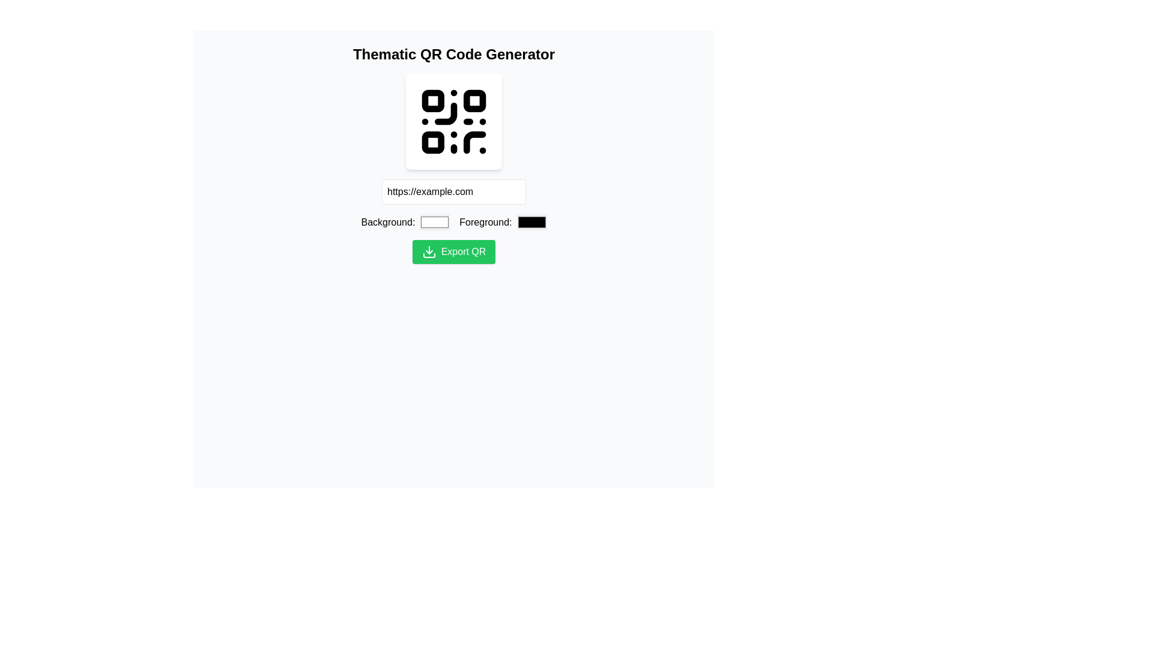  What do you see at coordinates (531, 222) in the screenshot?
I see `the Color Input Box located to the right of the 'Foreground:' label, below the QR code` at bounding box center [531, 222].